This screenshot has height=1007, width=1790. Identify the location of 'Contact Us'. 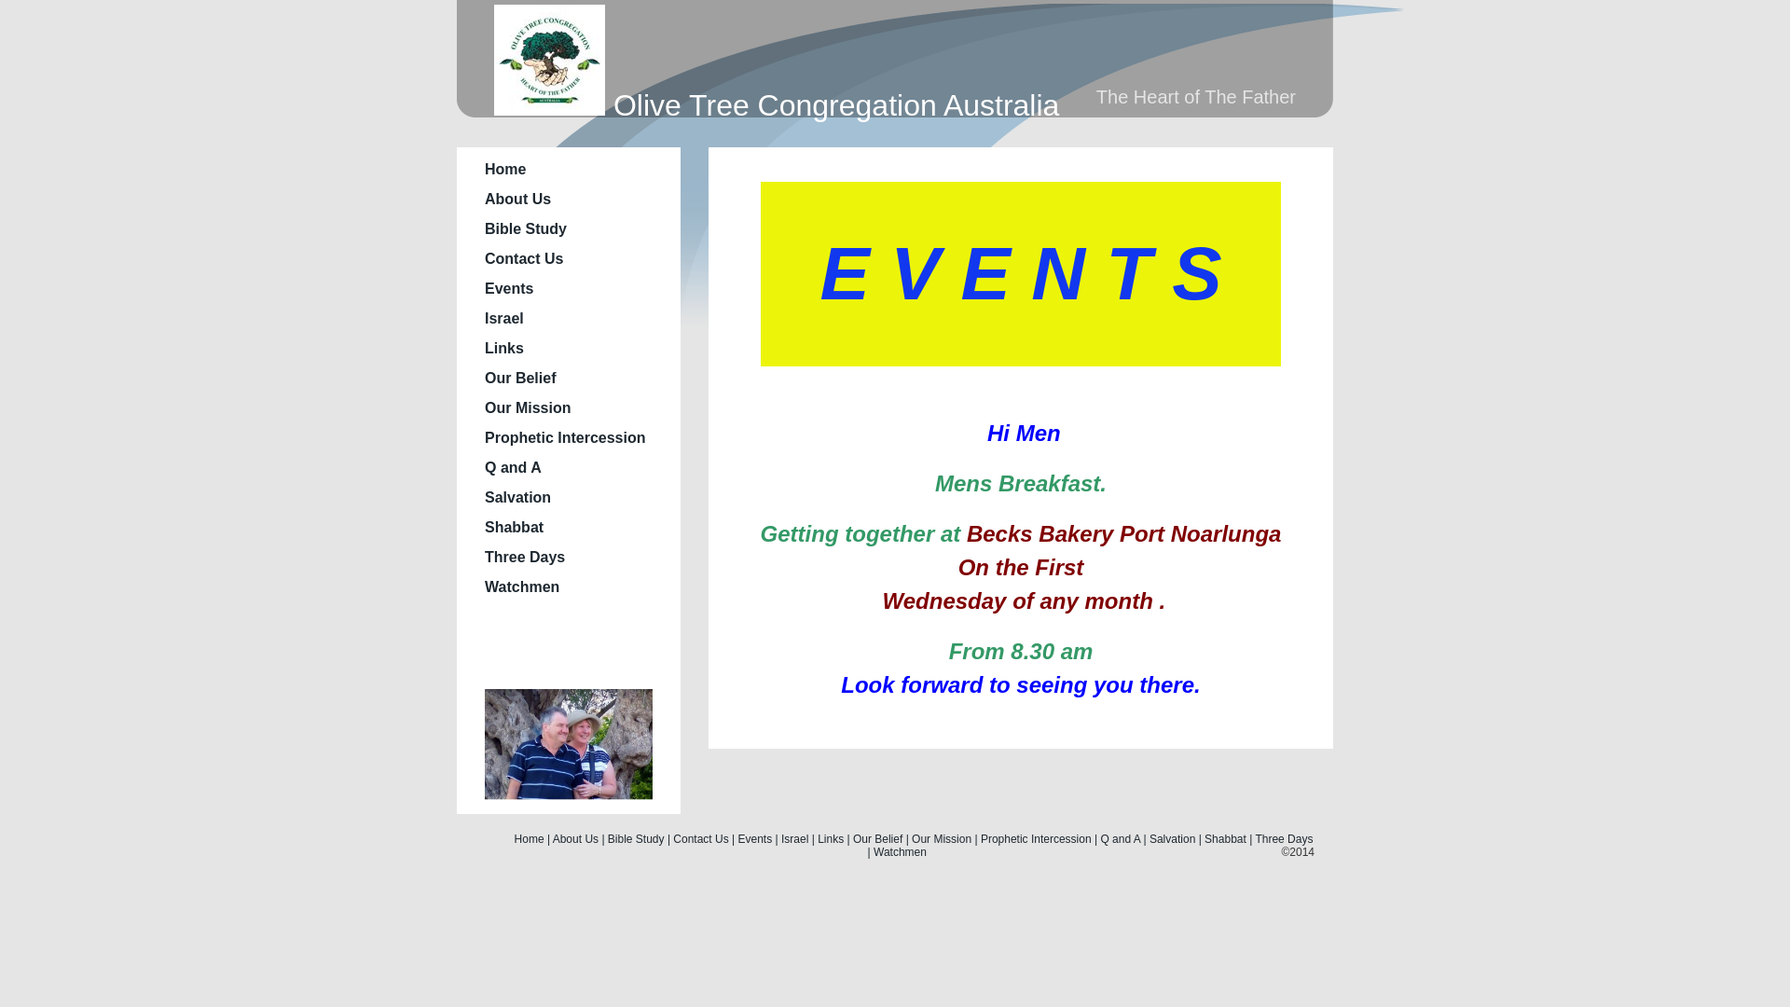
(699, 837).